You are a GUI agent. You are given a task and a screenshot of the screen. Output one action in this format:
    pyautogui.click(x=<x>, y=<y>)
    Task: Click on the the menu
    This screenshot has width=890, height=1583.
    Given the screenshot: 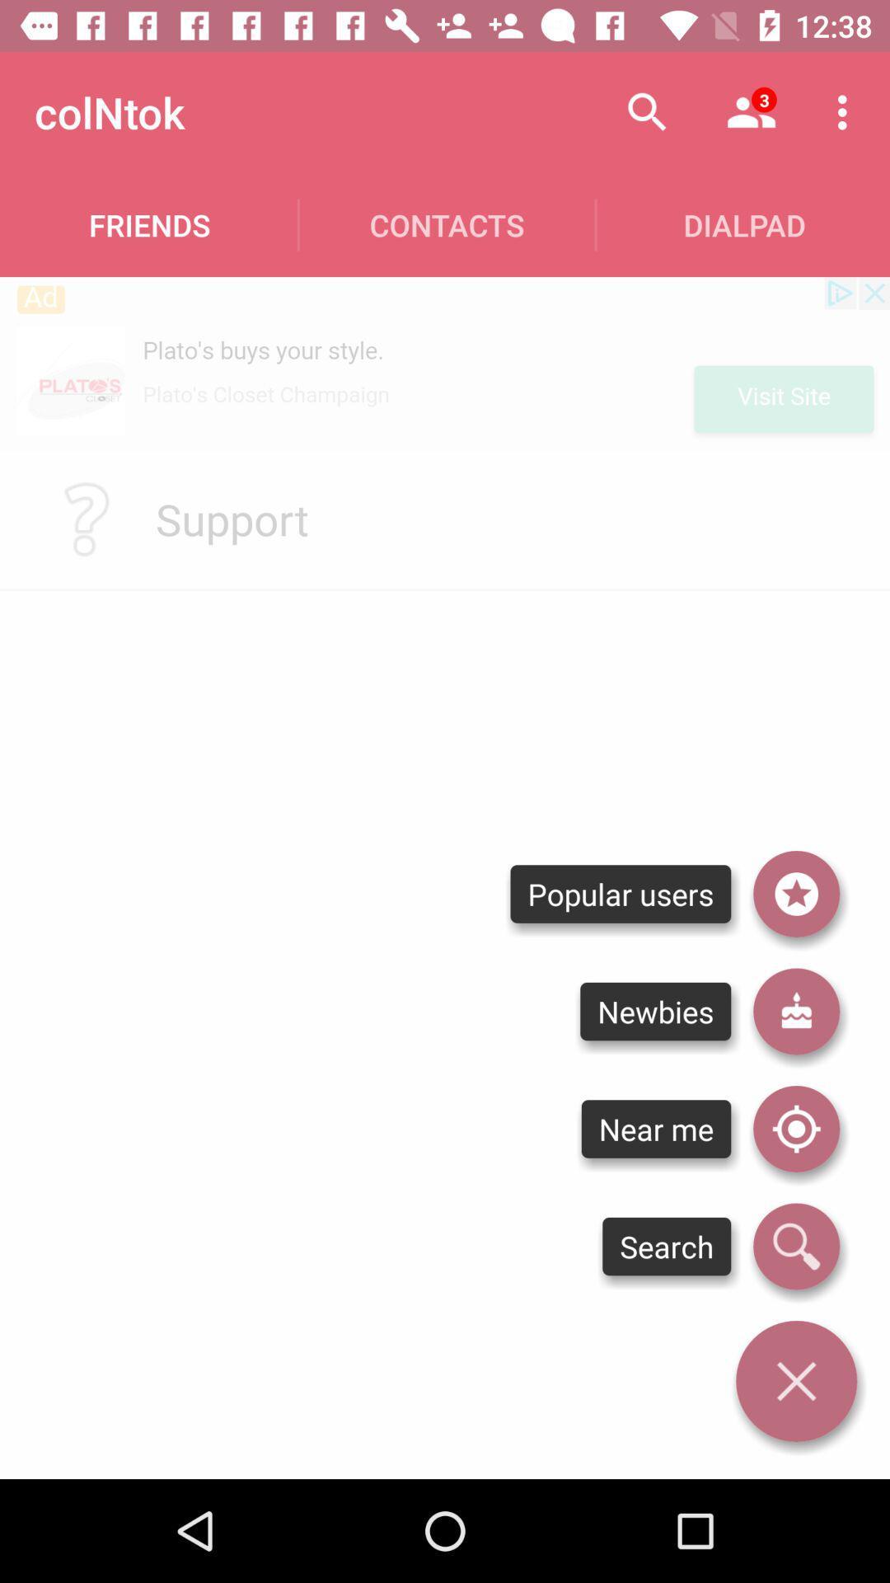 What is the action you would take?
    pyautogui.click(x=795, y=1381)
    